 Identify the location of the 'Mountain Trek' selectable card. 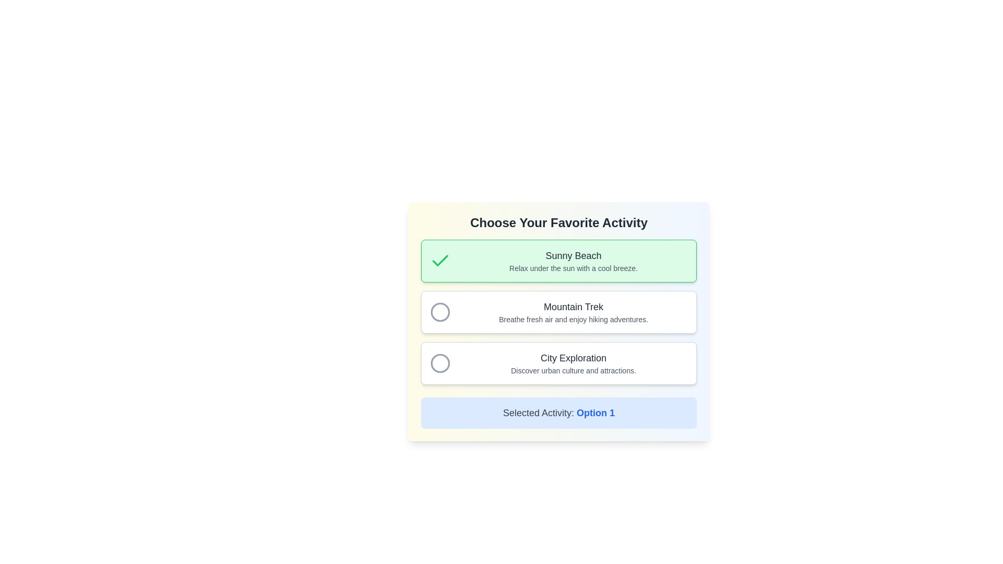
(558, 311).